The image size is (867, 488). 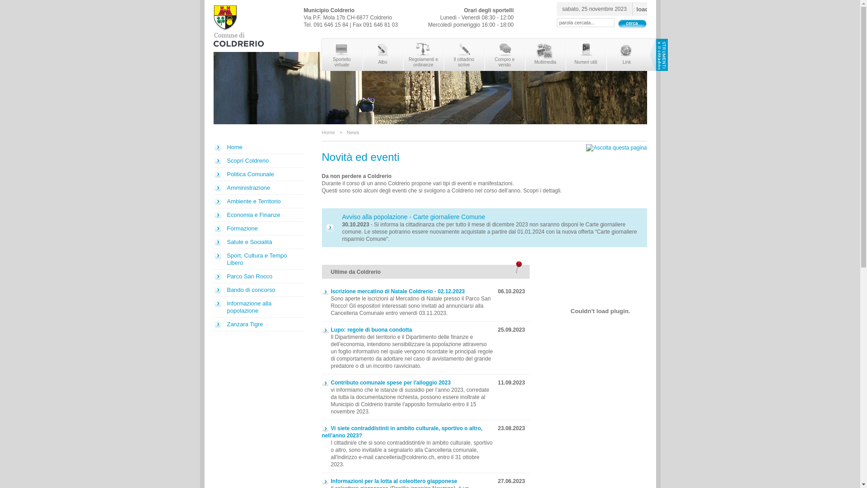 I want to click on 'Bando di concorso', so click(x=212, y=290).